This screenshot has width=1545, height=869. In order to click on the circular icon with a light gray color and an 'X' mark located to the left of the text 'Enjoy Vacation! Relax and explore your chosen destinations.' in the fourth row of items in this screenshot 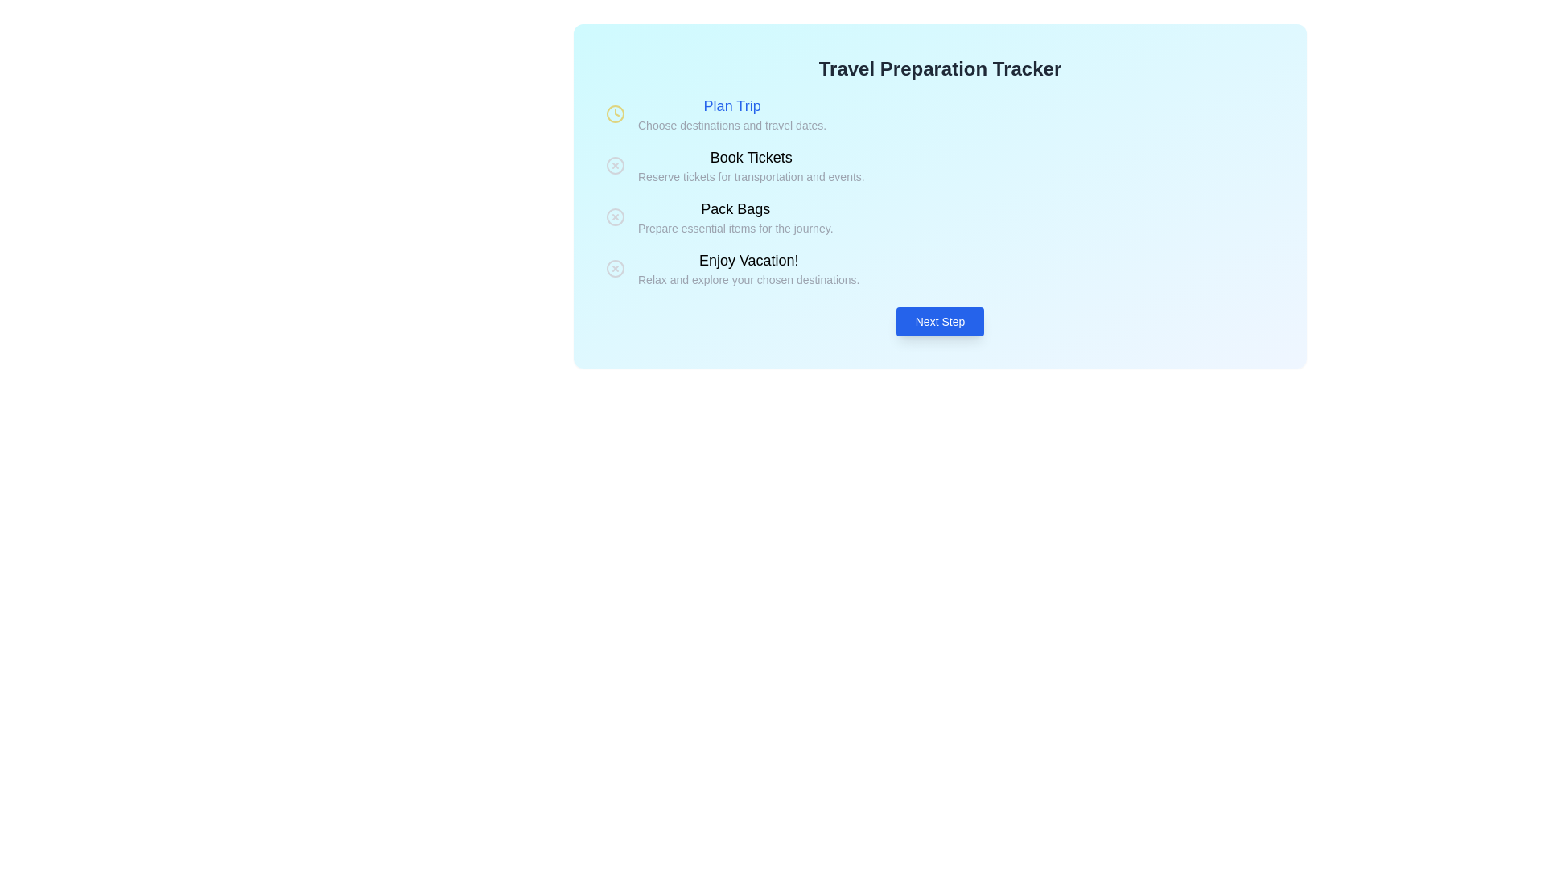, I will do `click(614, 268)`.